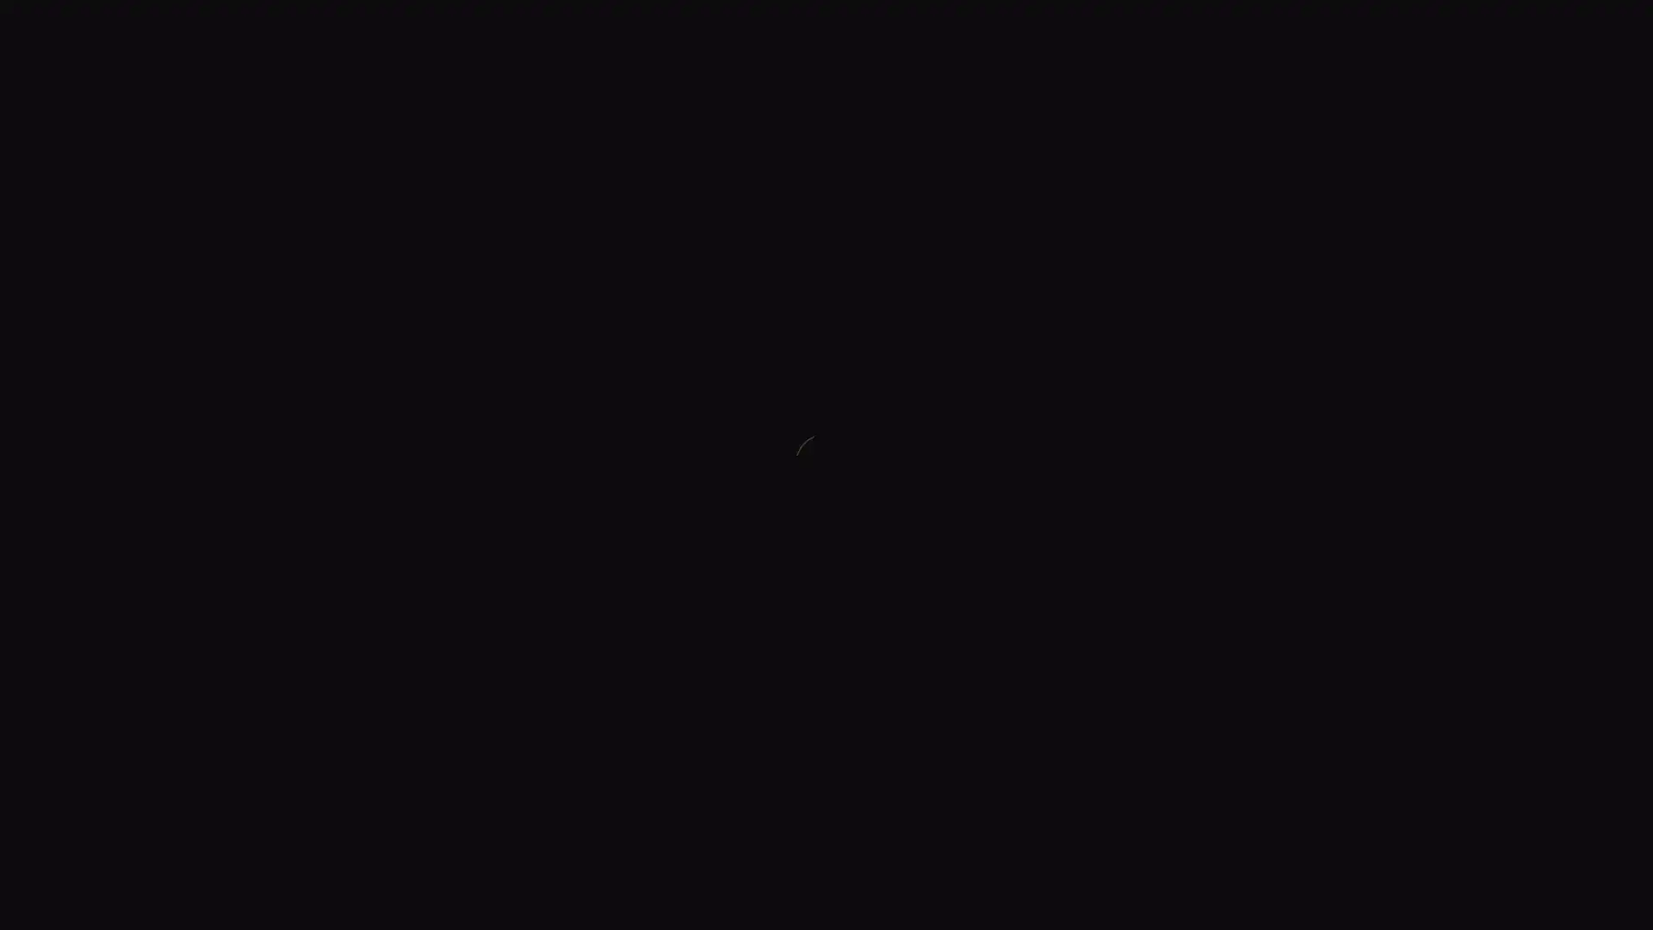 This screenshot has height=930, width=1653. Describe the element at coordinates (1461, 430) in the screenshot. I see `CLOSE` at that location.